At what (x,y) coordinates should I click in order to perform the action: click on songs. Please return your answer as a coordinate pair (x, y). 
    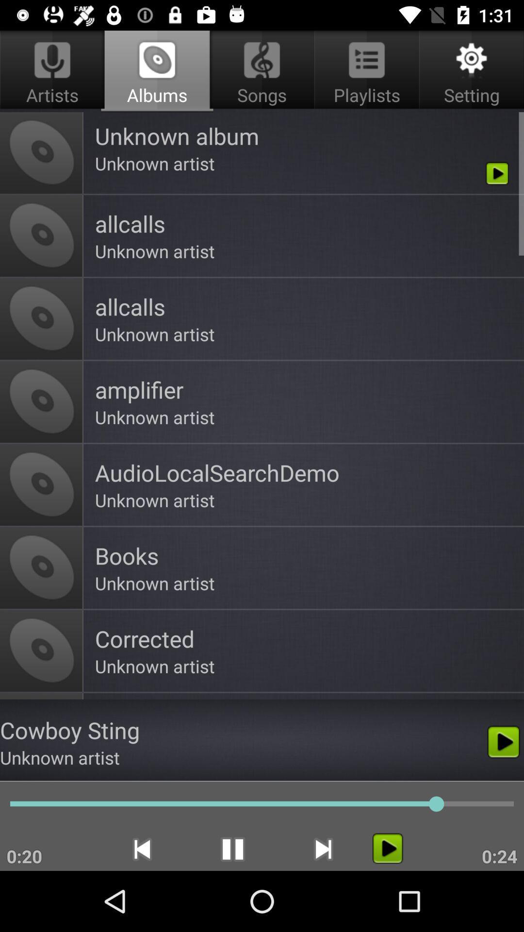
    Looking at the image, I should click on (262, 71).